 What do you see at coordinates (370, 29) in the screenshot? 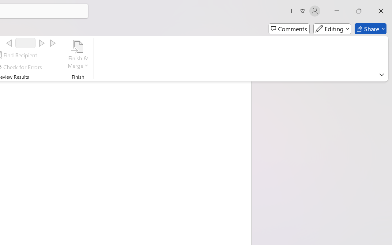
I see `'Share'` at bounding box center [370, 29].